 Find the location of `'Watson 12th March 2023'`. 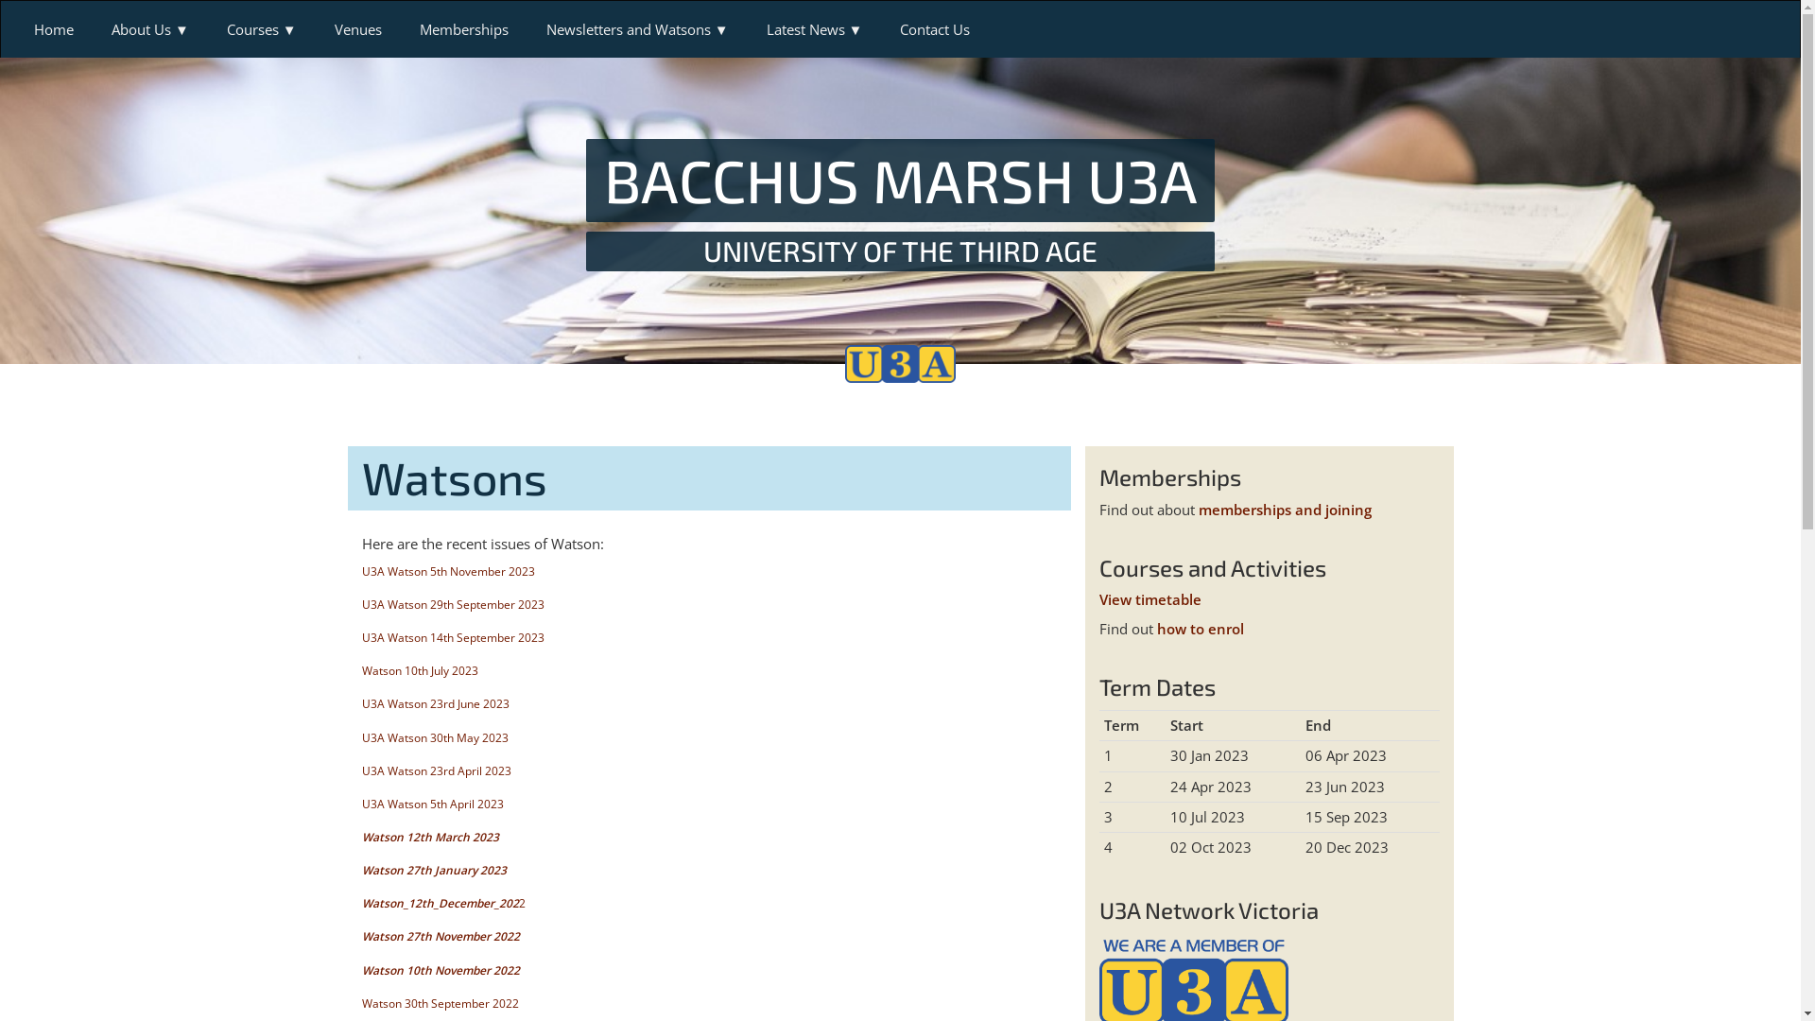

'Watson 12th March 2023' is located at coordinates (428, 836).